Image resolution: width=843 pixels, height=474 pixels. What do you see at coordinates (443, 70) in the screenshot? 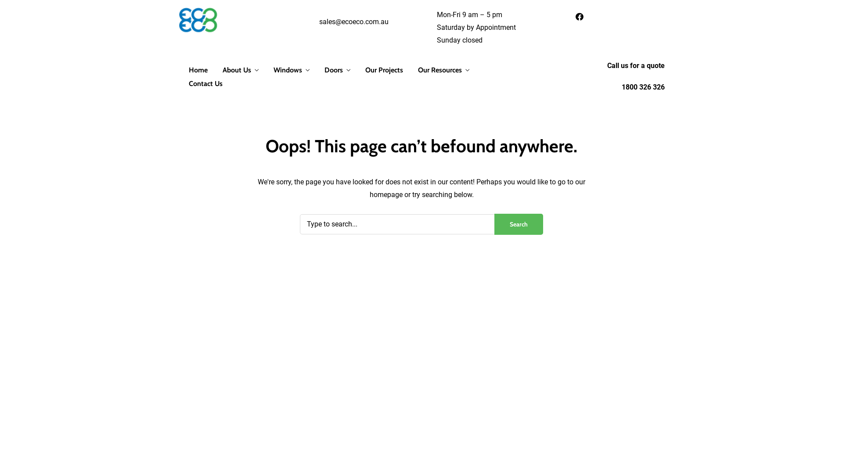
I see `'Our Resources'` at bounding box center [443, 70].